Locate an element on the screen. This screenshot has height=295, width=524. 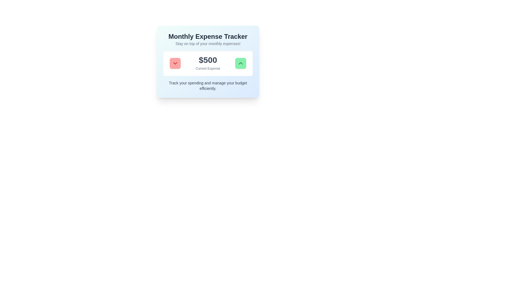
the 'Current Expense' text label which is displayed in a small gray font below the '$500' text element, centrally aligned in the interface is located at coordinates (208, 68).